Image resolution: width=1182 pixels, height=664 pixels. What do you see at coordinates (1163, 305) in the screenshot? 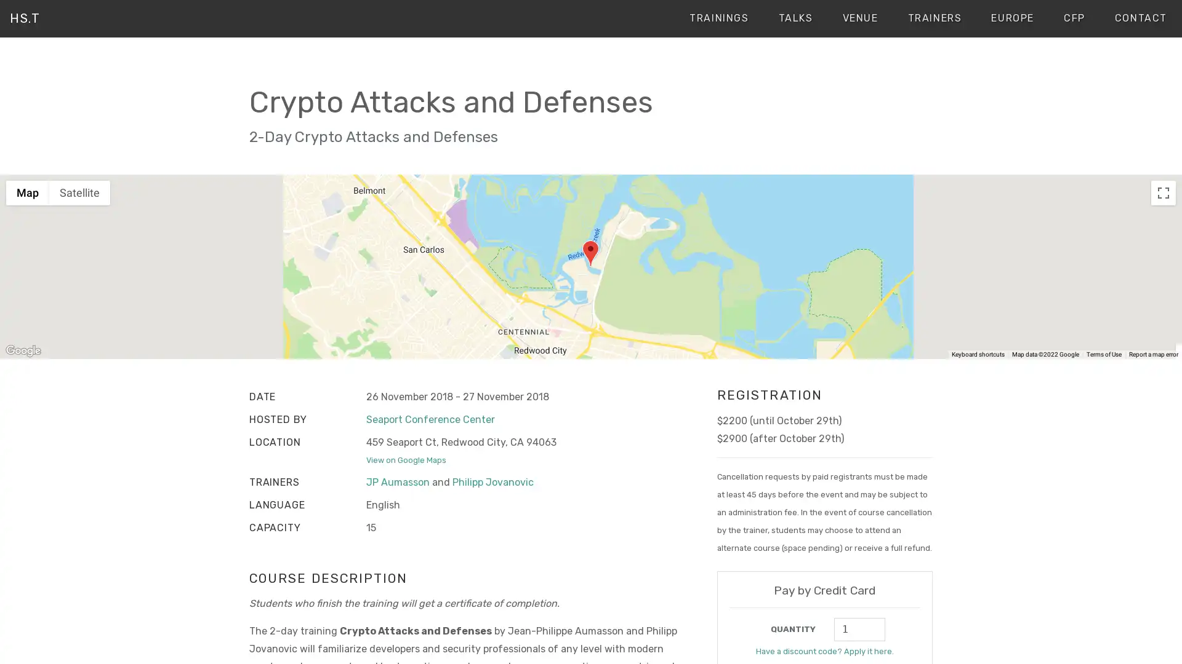
I see `Zoom in` at bounding box center [1163, 305].